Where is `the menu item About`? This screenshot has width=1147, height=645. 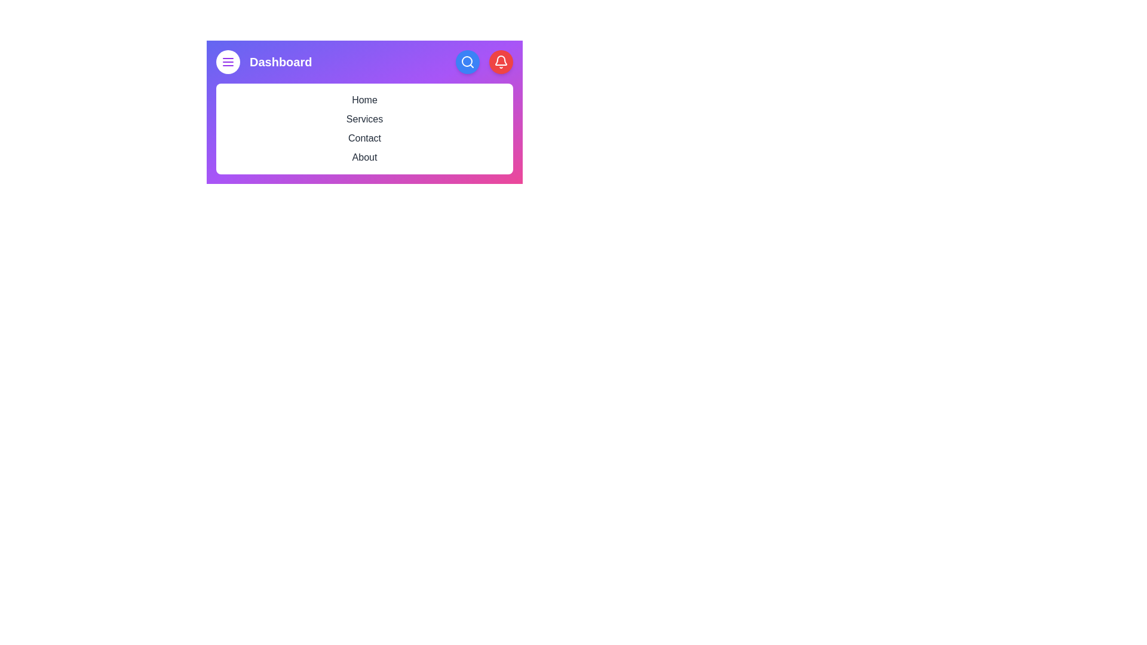 the menu item About is located at coordinates (364, 156).